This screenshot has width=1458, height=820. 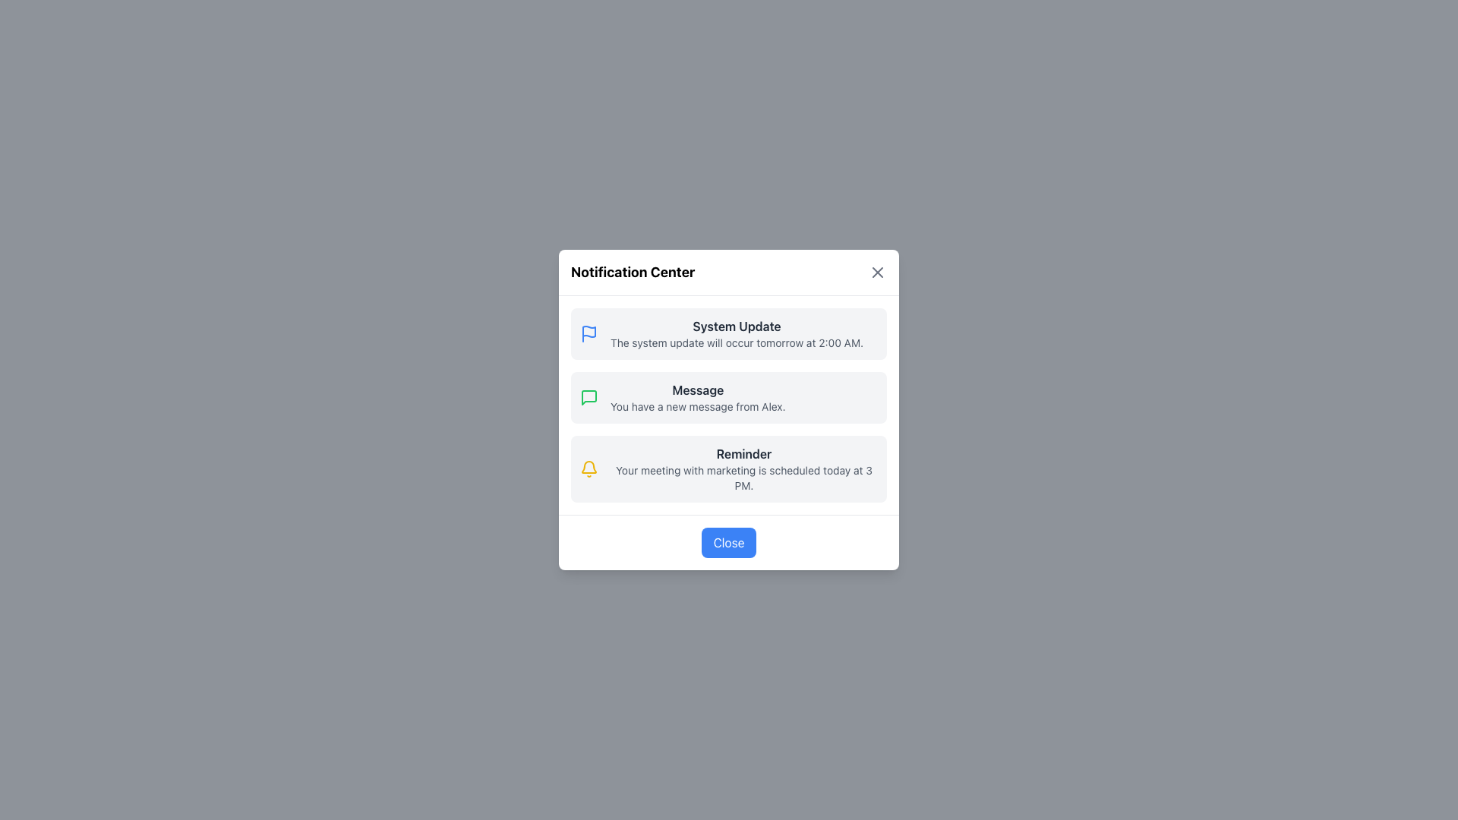 I want to click on the notification element titled 'Reminder' that contains the description 'Your meeting with marketing is scheduled today at 3 PM.', so click(x=743, y=468).